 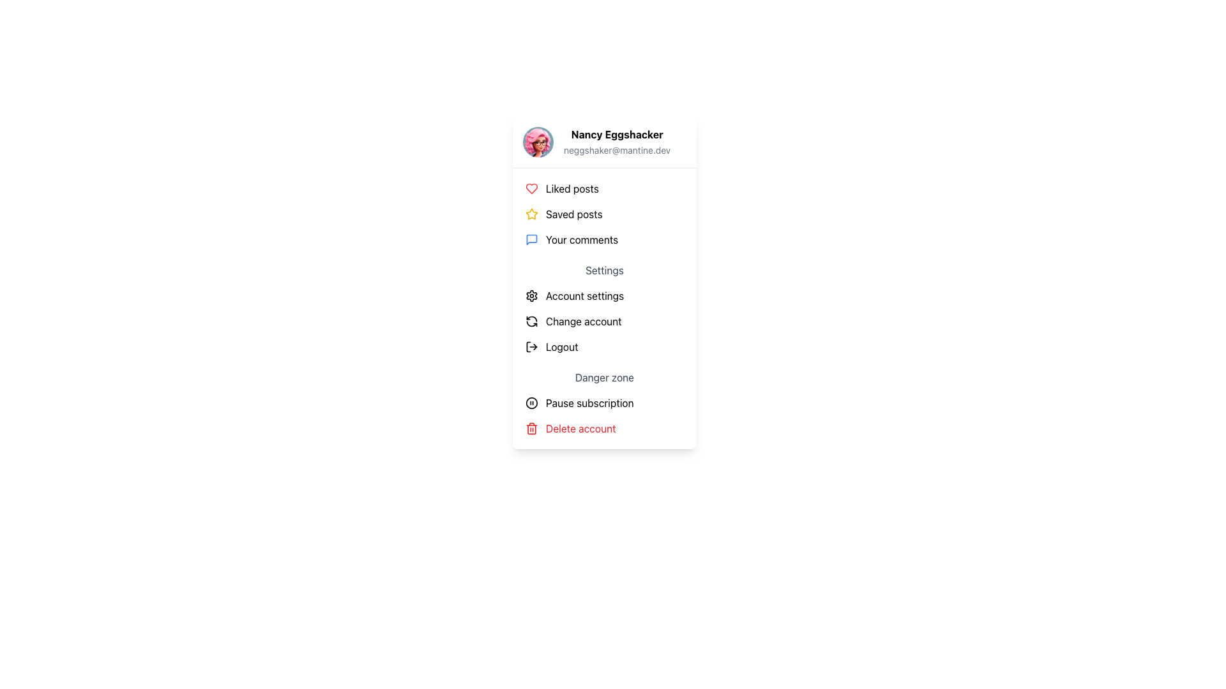 I want to click on the 'Pause subscription' button, so click(x=603, y=403).